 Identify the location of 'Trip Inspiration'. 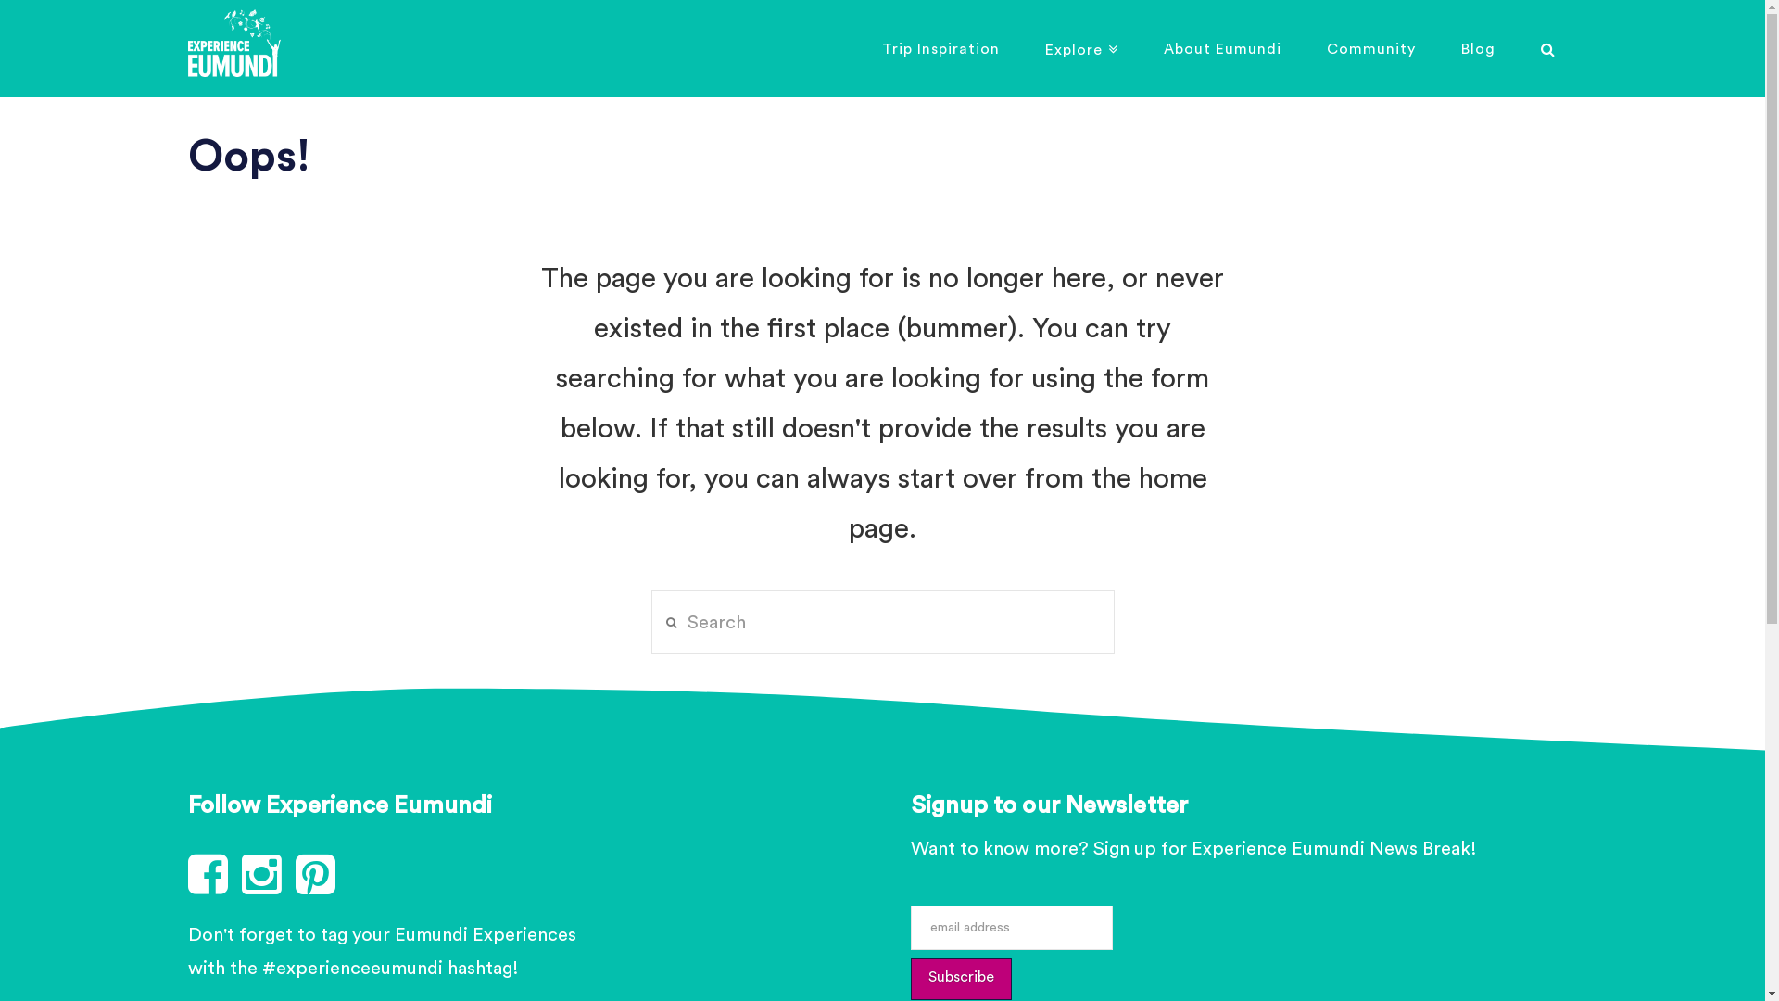
(940, 47).